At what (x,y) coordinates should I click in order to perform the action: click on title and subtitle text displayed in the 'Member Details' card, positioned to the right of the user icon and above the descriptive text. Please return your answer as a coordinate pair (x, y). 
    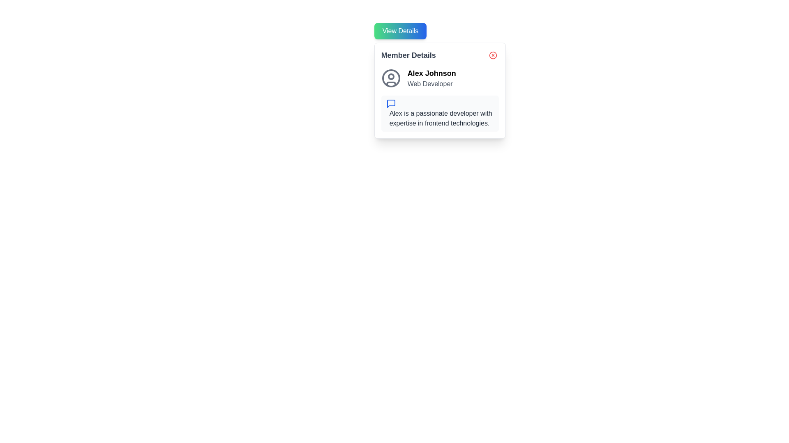
    Looking at the image, I should click on (431, 78).